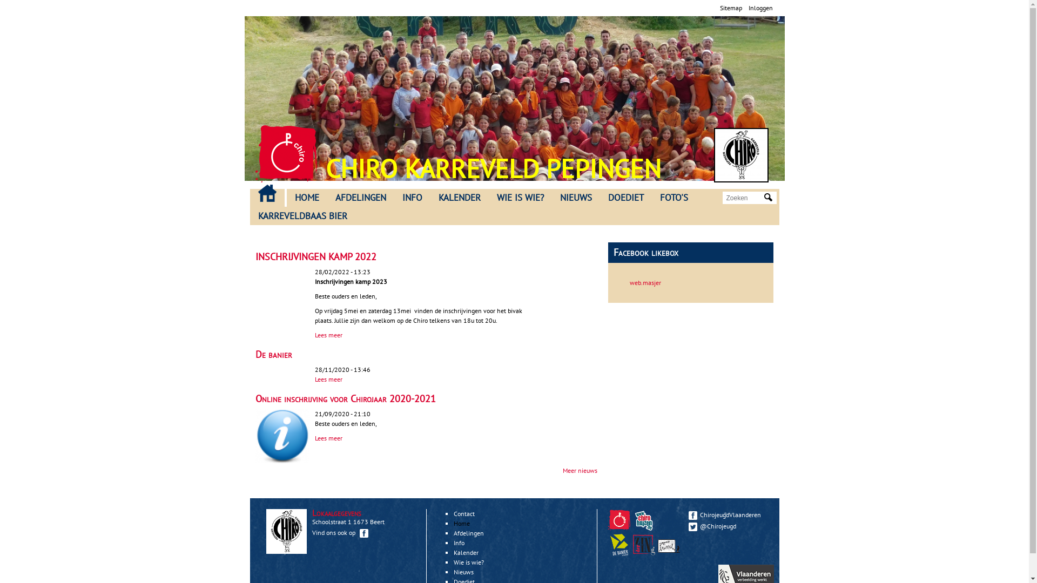  Describe the element at coordinates (644, 519) in the screenshot. I see `'Chirohuizen'` at that location.